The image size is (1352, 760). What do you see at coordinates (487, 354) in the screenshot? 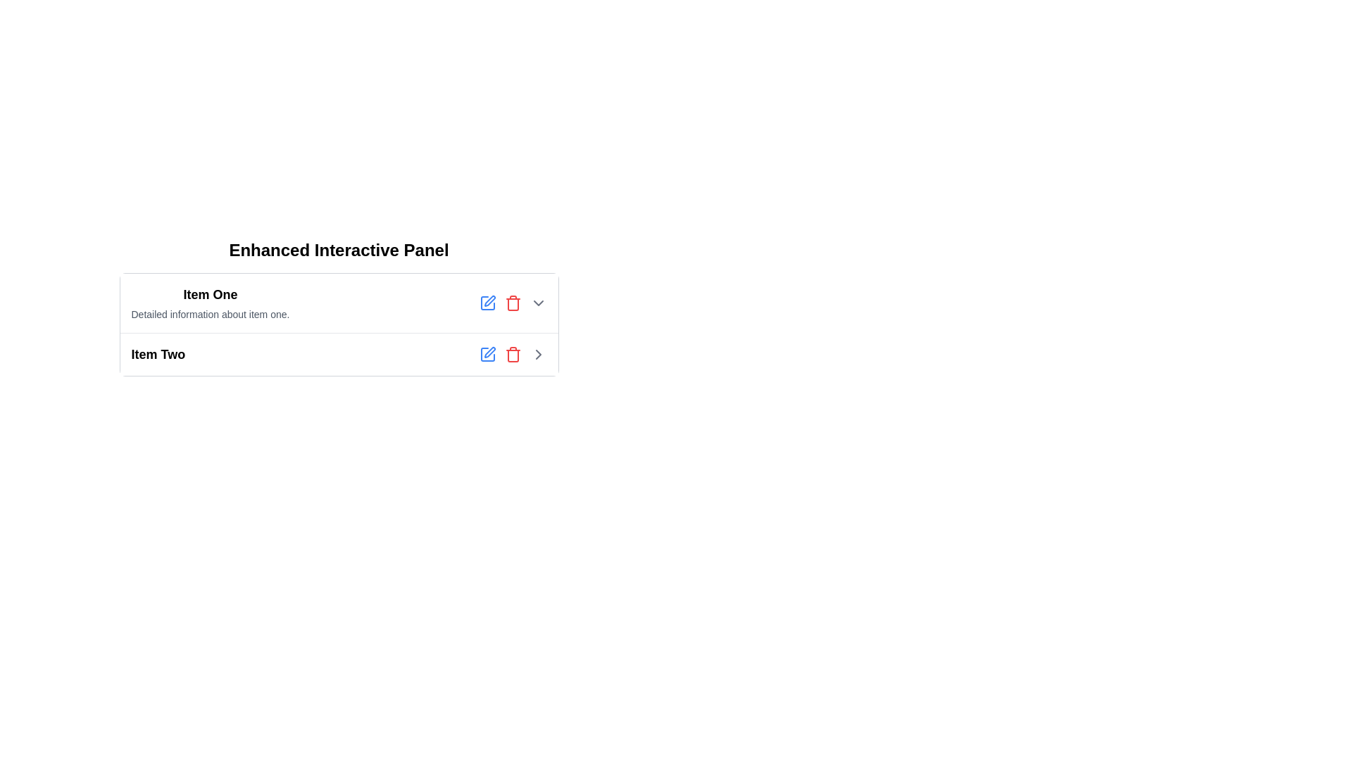
I see `the interactive button with a pen icon, located to the right of 'Item Two'` at bounding box center [487, 354].